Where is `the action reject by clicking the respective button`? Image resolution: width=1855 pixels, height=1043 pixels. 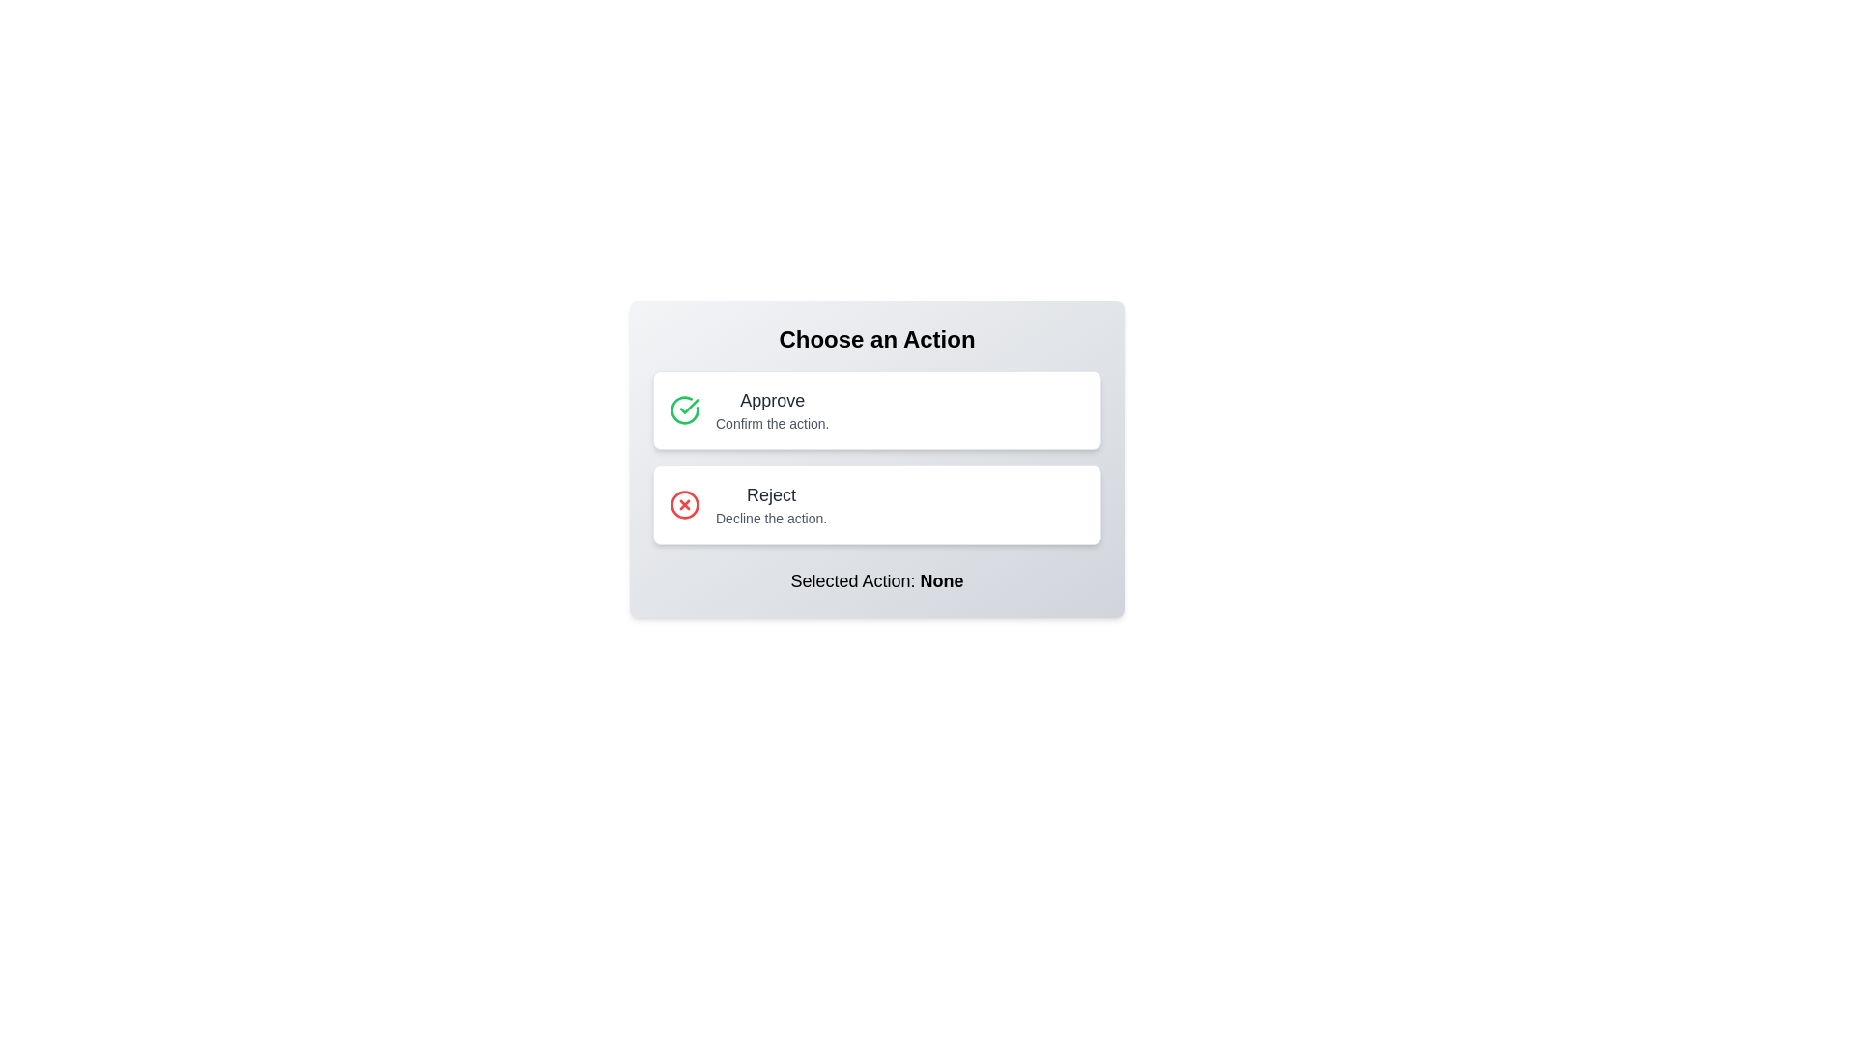
the action reject by clicking the respective button is located at coordinates (875, 504).